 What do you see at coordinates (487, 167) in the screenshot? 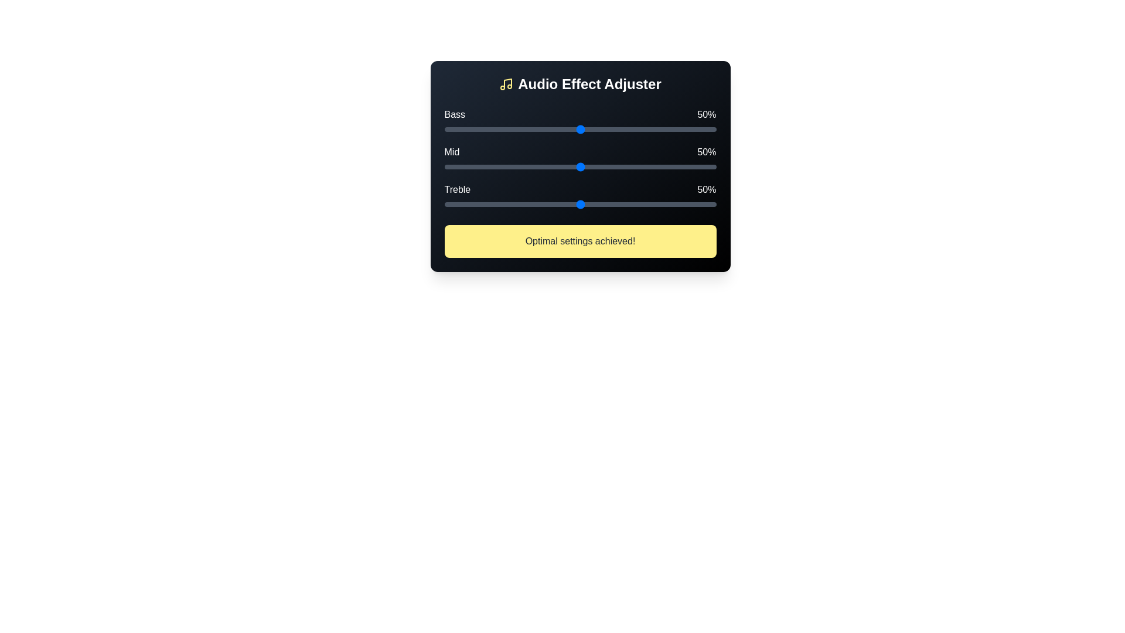
I see `the 'Mid' slider to 16%` at bounding box center [487, 167].